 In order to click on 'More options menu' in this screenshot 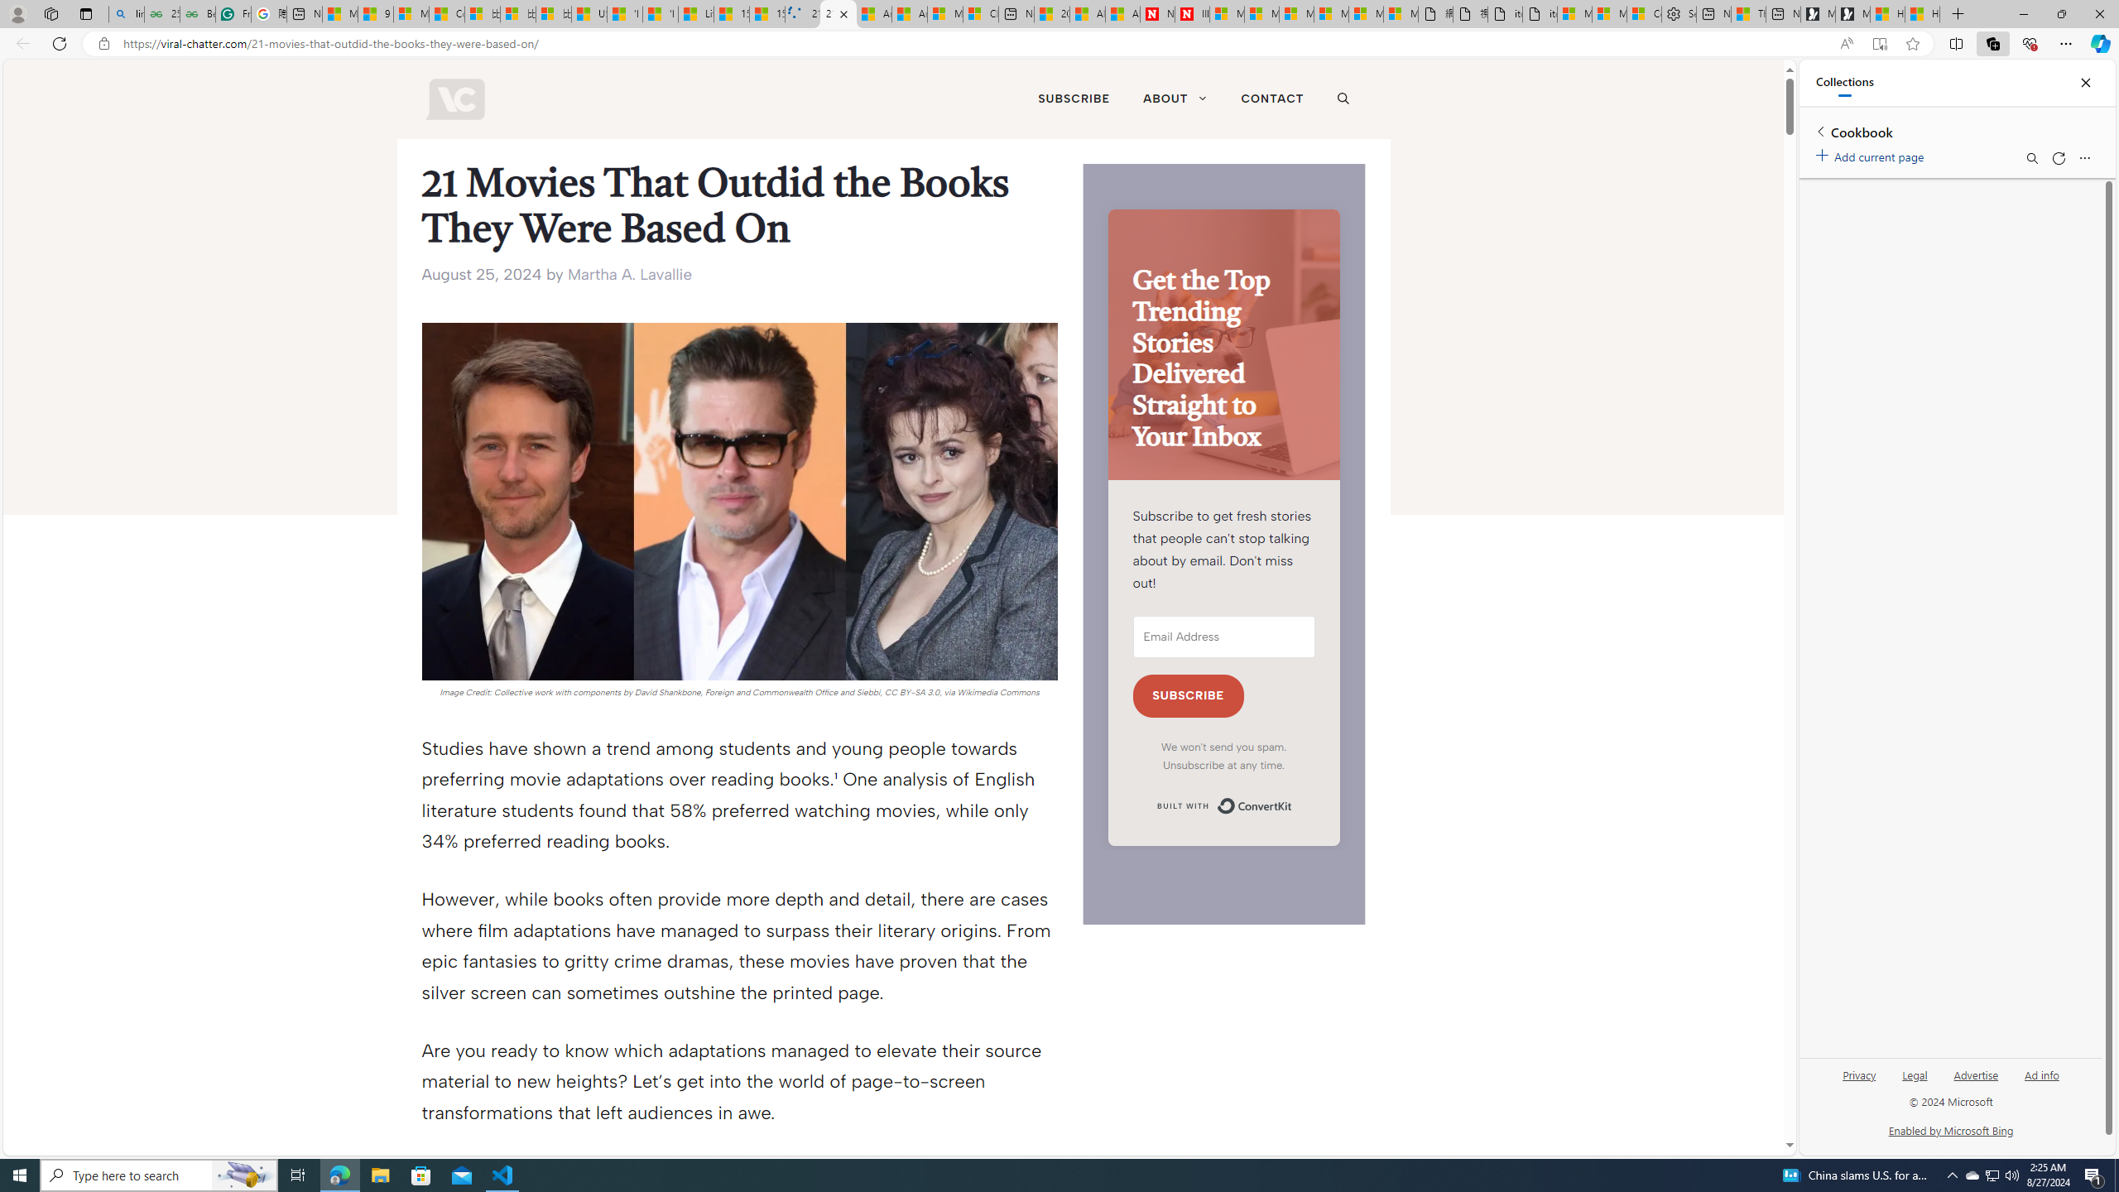, I will do `click(2085, 158)`.